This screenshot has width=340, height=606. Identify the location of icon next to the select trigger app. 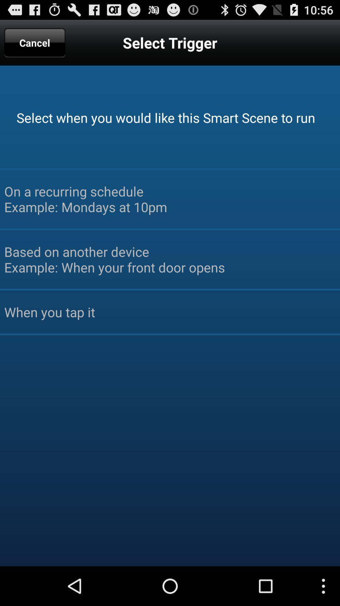
(35, 42).